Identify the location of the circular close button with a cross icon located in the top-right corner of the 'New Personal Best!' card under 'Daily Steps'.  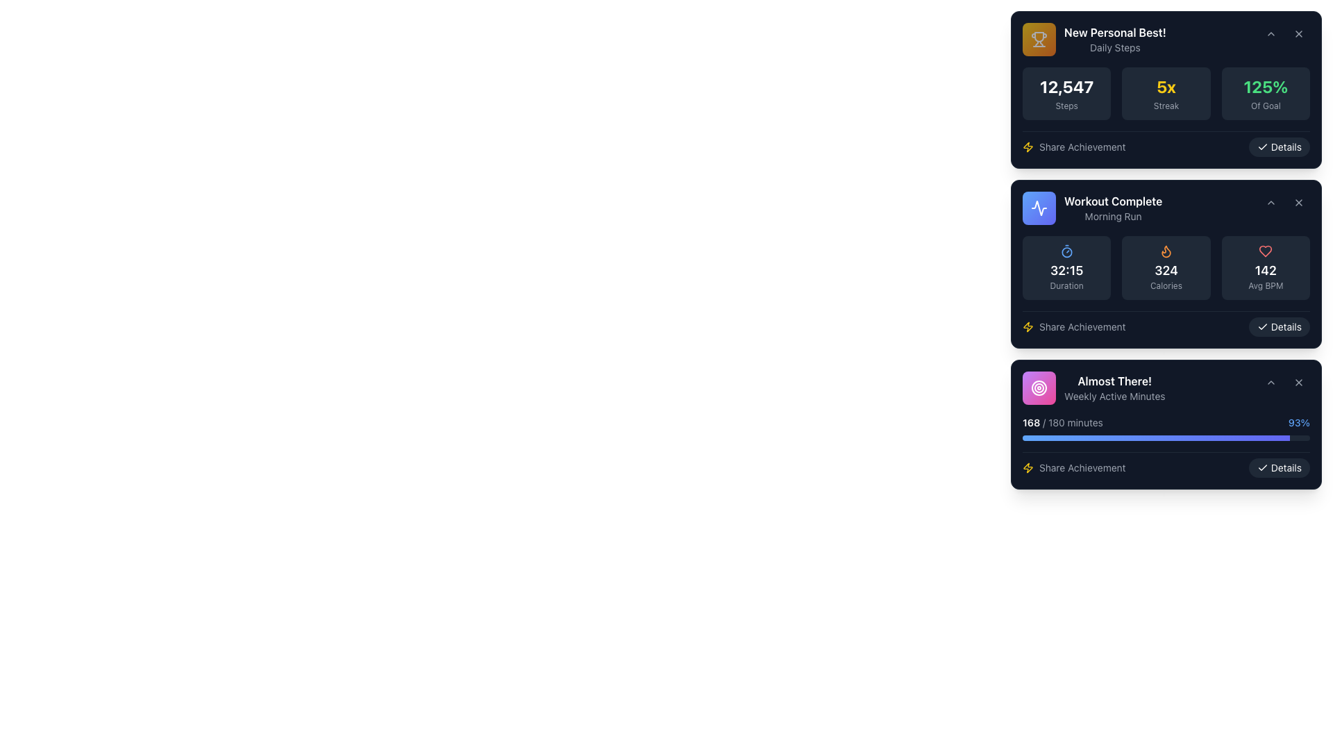
(1298, 33).